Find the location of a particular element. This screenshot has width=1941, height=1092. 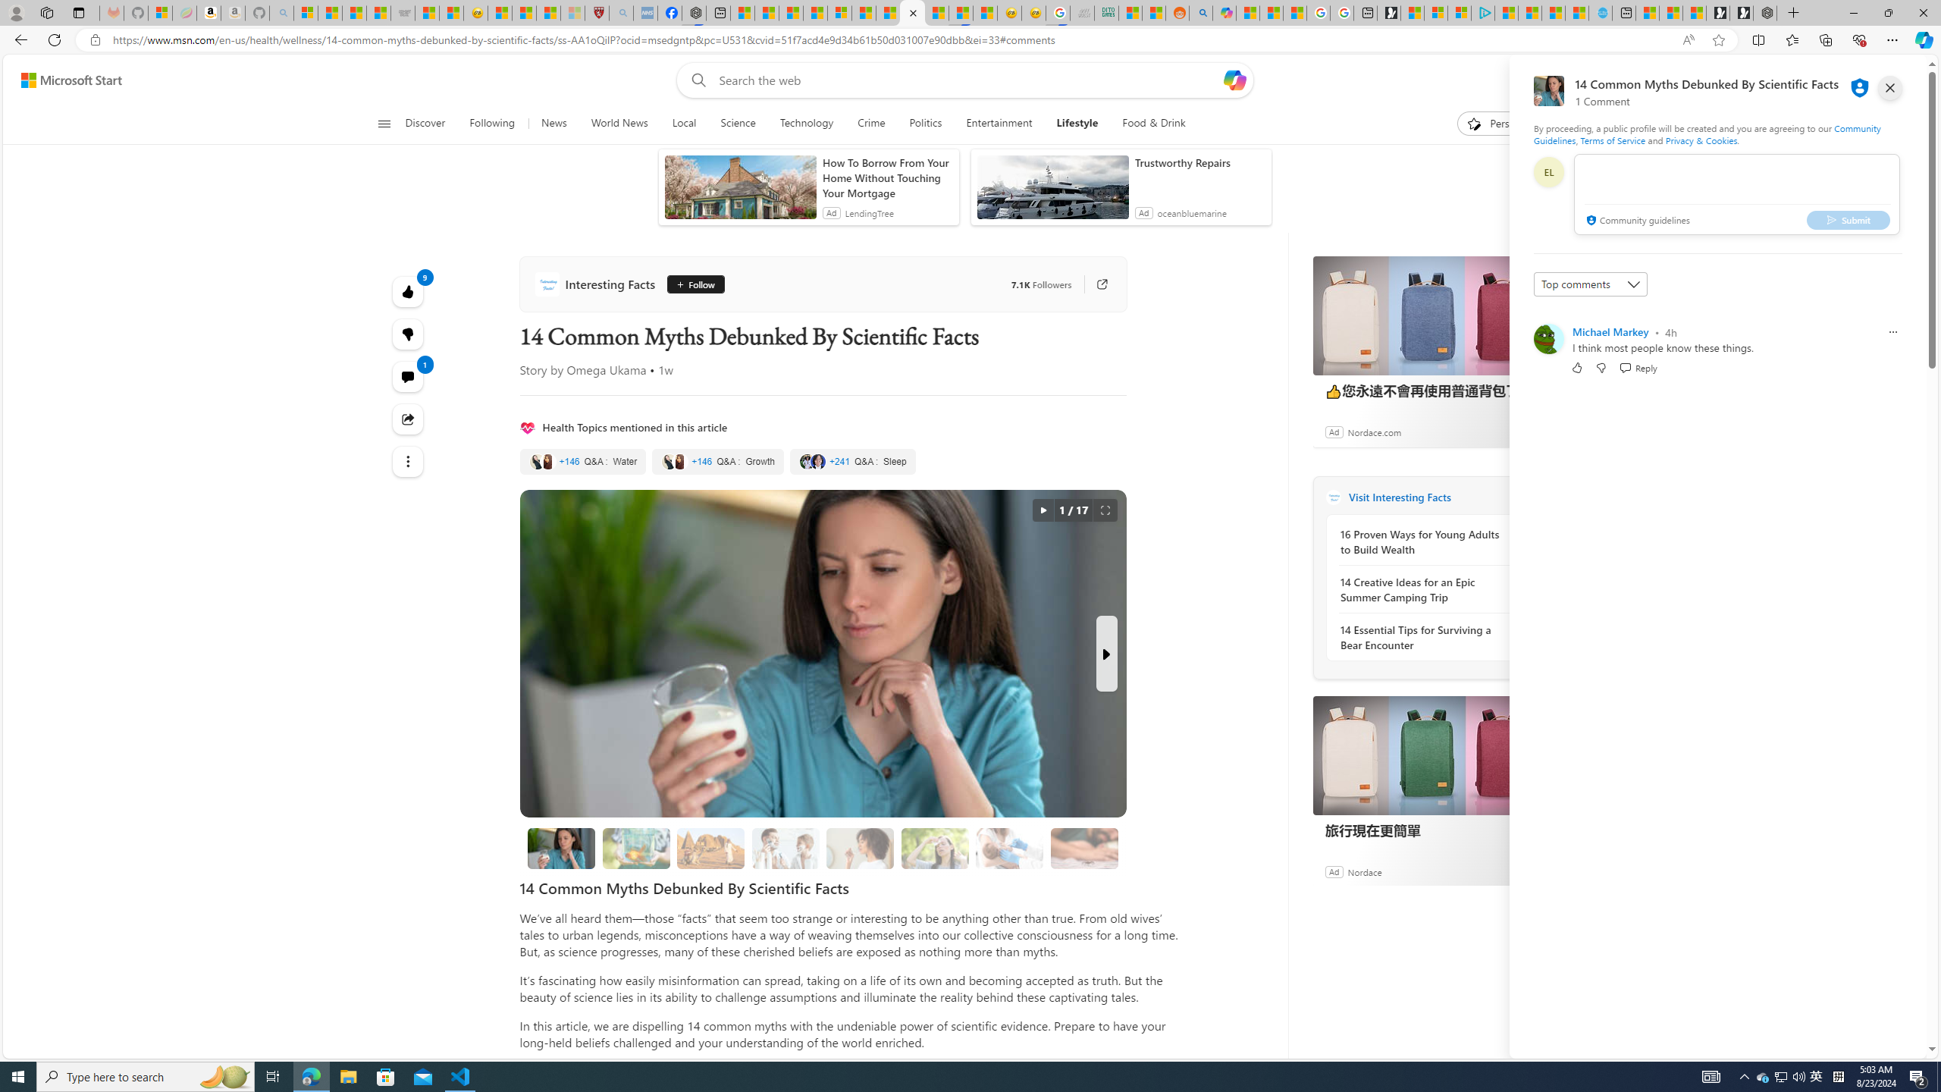

'Home | Sky Blue Bikes - Sky Blue Bikes' is located at coordinates (1599, 12).